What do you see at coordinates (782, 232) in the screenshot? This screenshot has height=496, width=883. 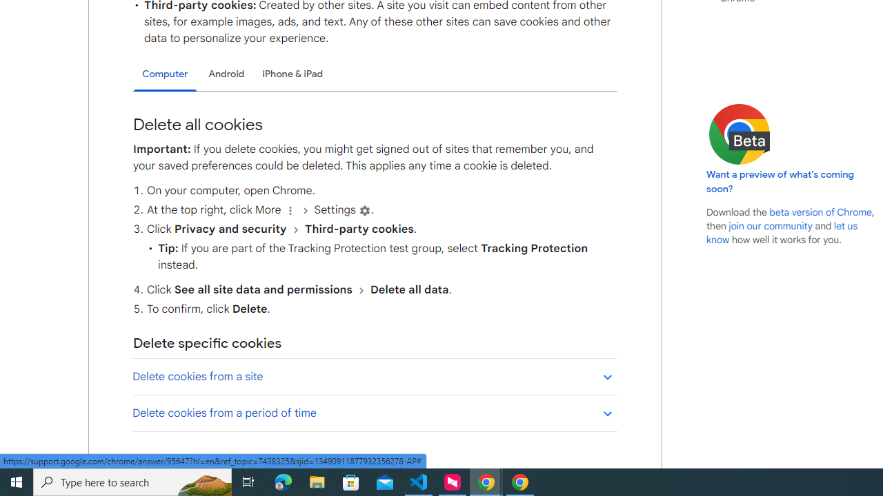 I see `'let us know'` at bounding box center [782, 232].